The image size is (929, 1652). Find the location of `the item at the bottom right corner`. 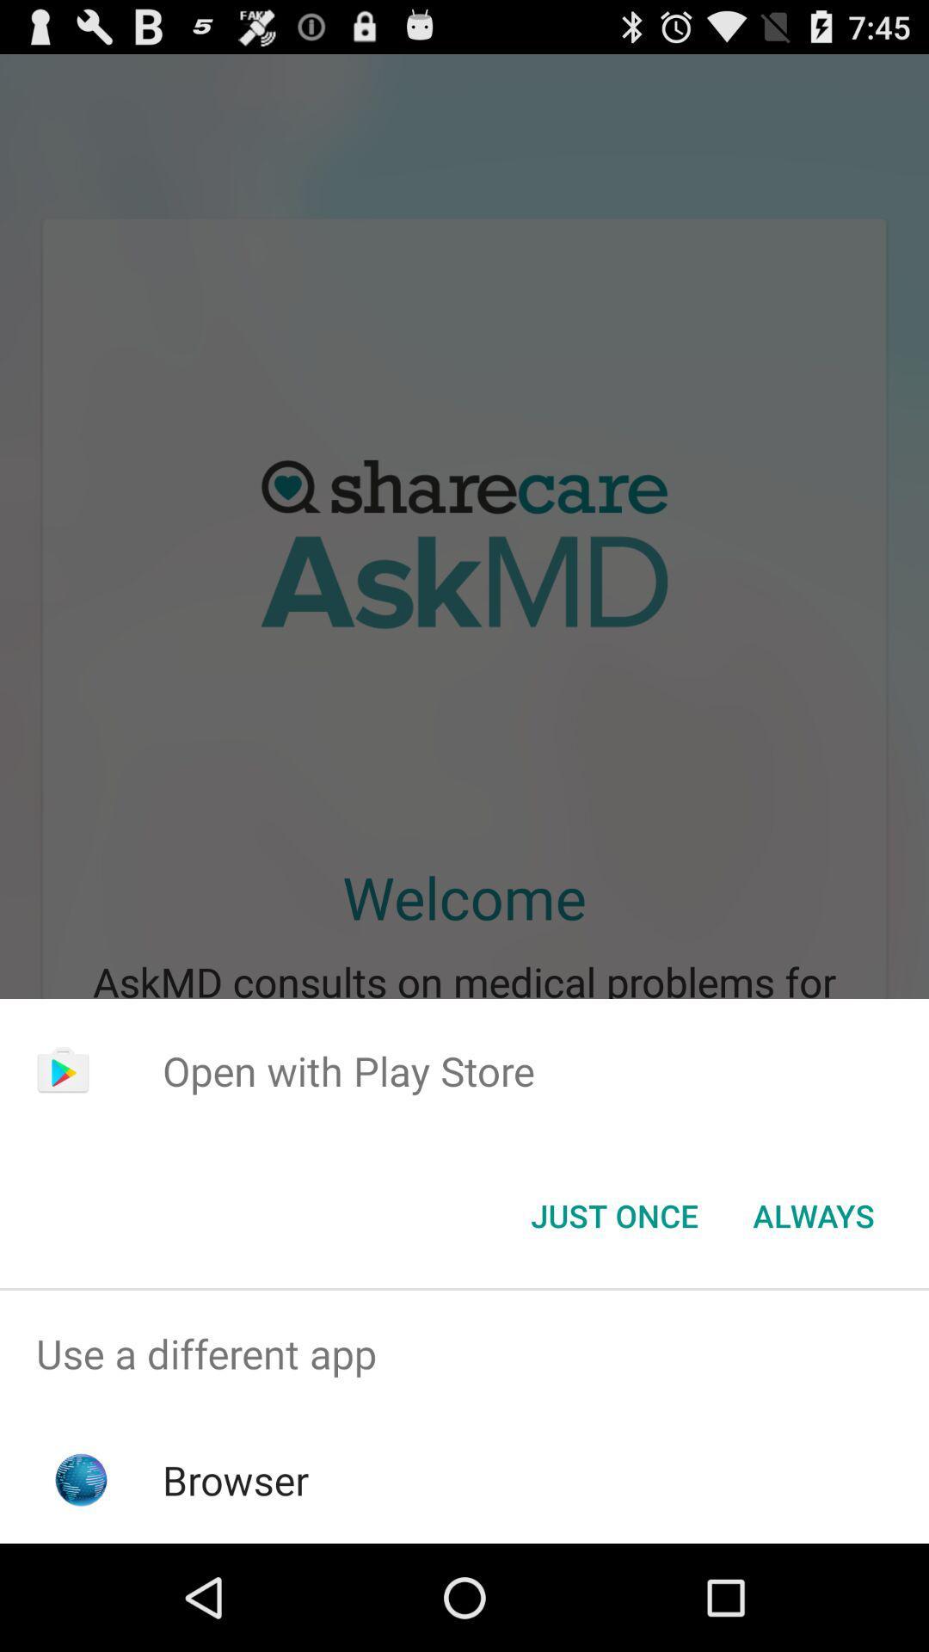

the item at the bottom right corner is located at coordinates (813, 1214).